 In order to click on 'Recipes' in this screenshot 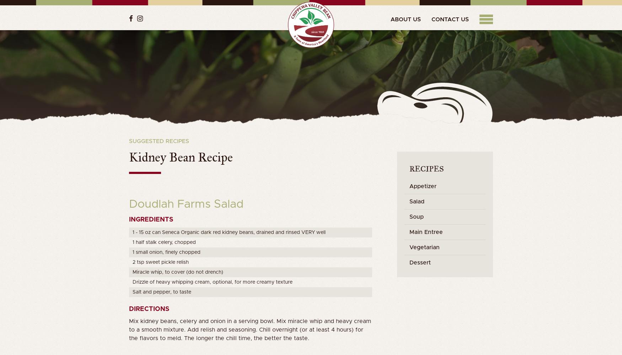, I will do `click(427, 168)`.